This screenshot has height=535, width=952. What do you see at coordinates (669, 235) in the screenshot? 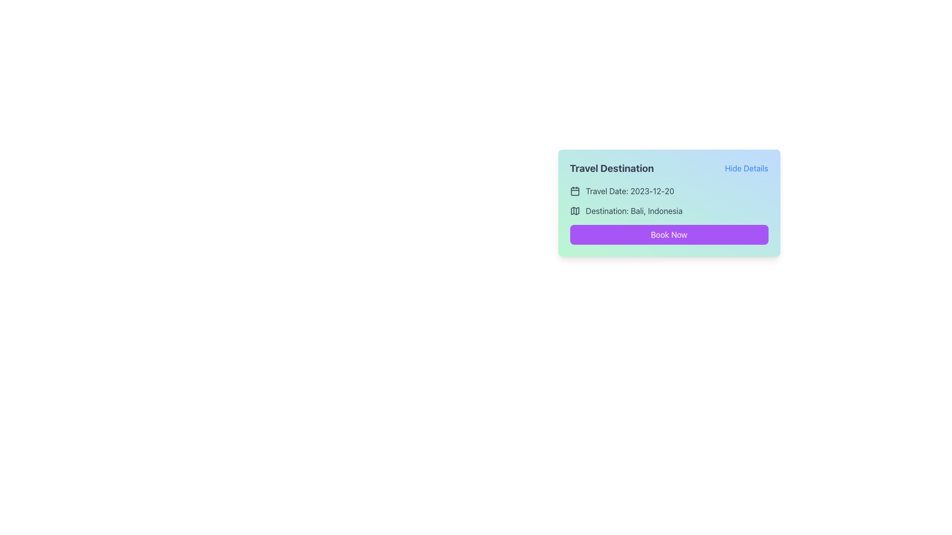
I see `the call-to-action button for initiating the booking process located below the text 'Destination: Bali, Indonesia'` at bounding box center [669, 235].